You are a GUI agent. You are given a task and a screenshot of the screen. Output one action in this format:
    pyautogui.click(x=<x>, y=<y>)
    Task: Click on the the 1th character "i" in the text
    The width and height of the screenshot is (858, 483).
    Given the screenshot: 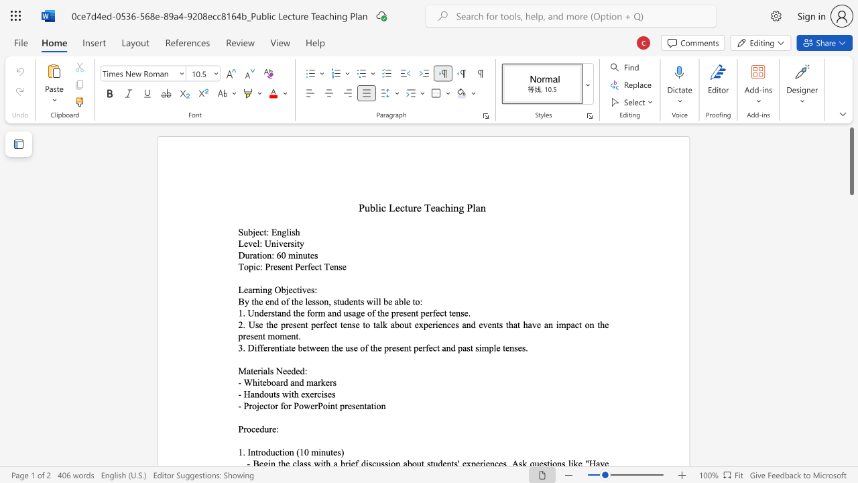 What is the action you would take?
    pyautogui.click(x=289, y=393)
    